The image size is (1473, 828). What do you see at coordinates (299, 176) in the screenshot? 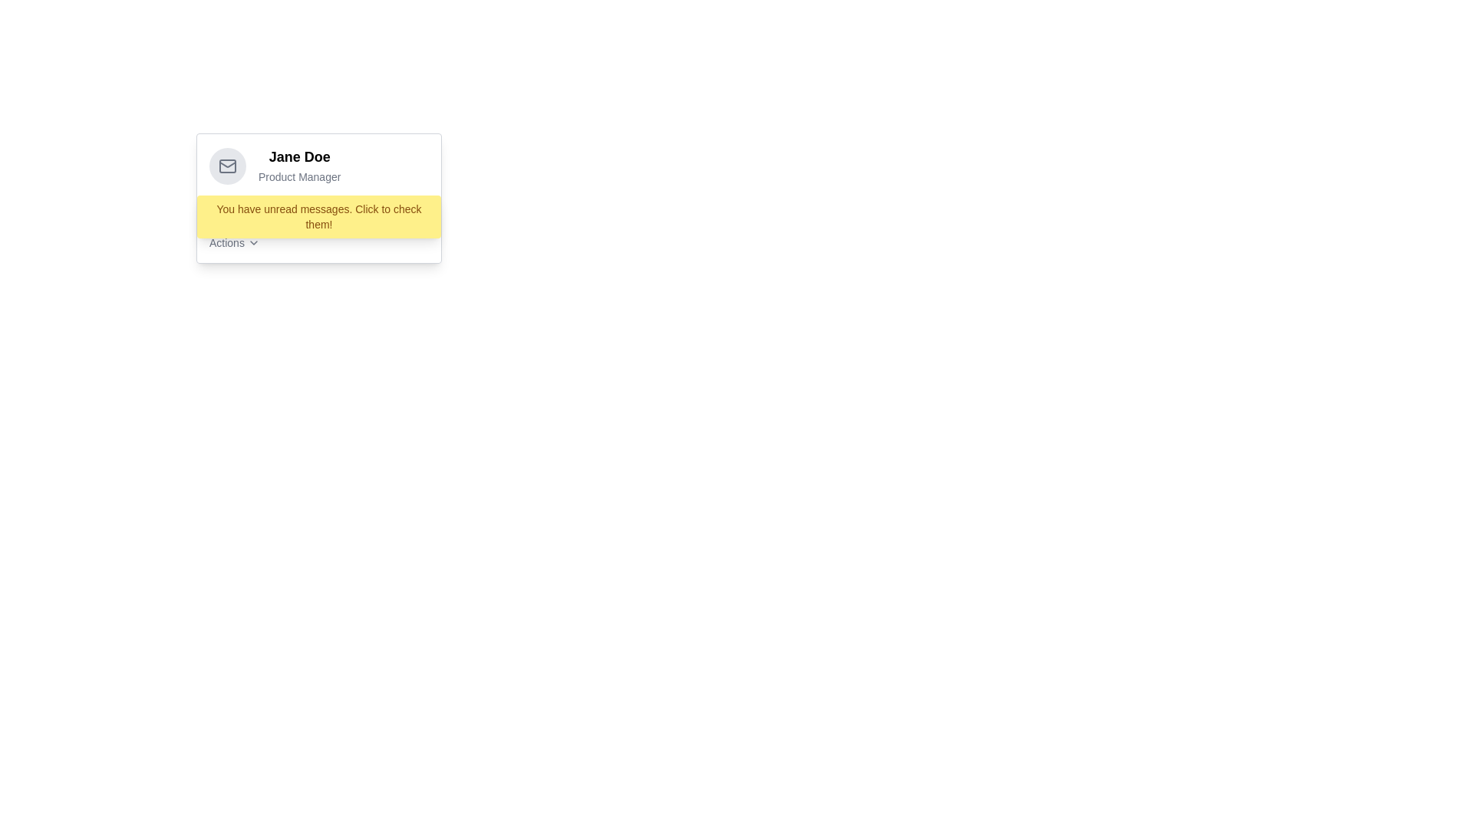
I see `the text label displaying 'Product Manager', which is styled in smaller gray font and located directly below the name 'Jane Doe'` at bounding box center [299, 176].